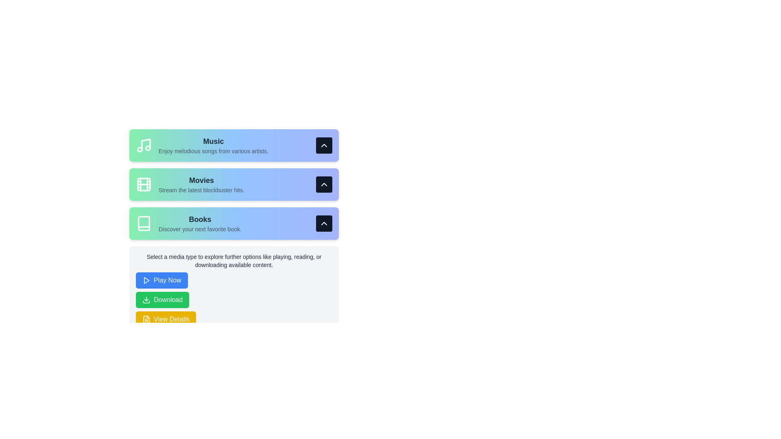 The height and width of the screenshot is (439, 781). Describe the element at coordinates (323, 185) in the screenshot. I see `the upward-facing chevron arrow icon within the interactive button adjacent to the 'Movies' label` at that location.